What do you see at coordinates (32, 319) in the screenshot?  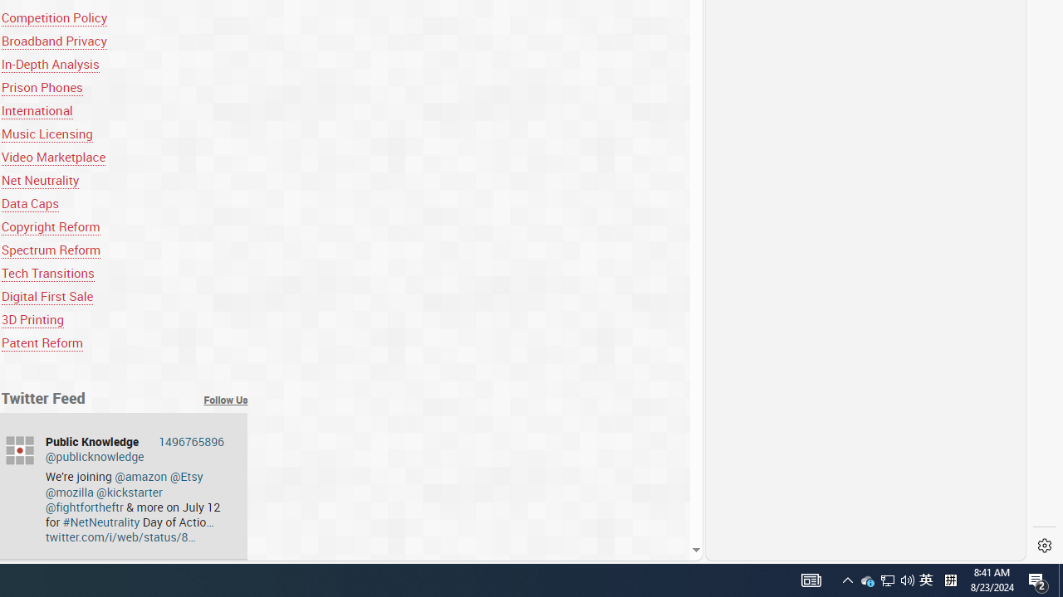 I see `'3D Printing'` at bounding box center [32, 319].